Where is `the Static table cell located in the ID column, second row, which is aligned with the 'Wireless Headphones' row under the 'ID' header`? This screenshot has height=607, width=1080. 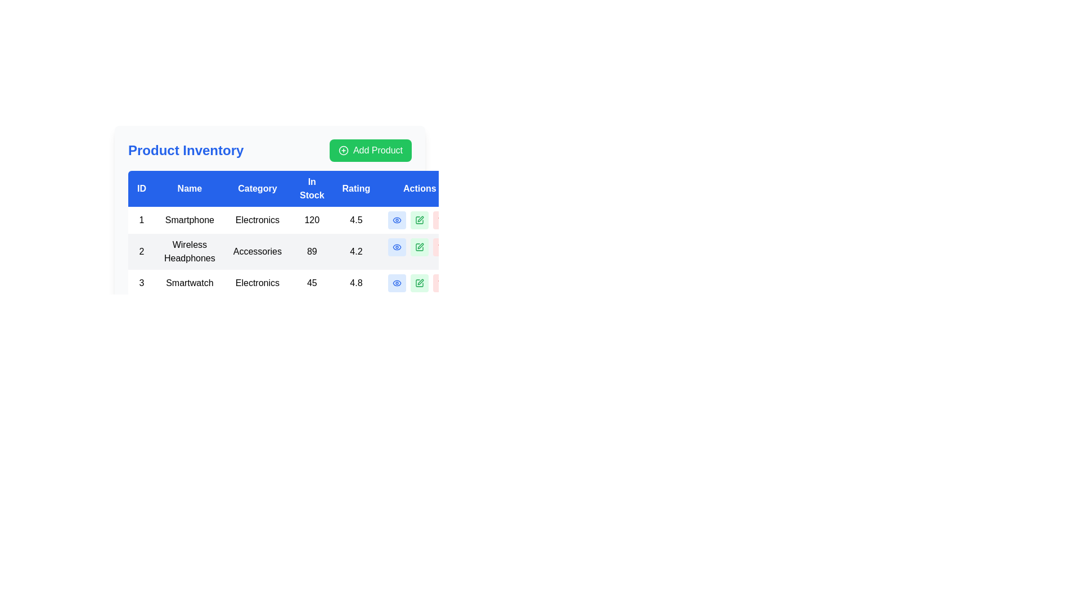
the Static table cell located in the ID column, second row, which is aligned with the 'Wireless Headphones' row under the 'ID' header is located at coordinates (141, 251).